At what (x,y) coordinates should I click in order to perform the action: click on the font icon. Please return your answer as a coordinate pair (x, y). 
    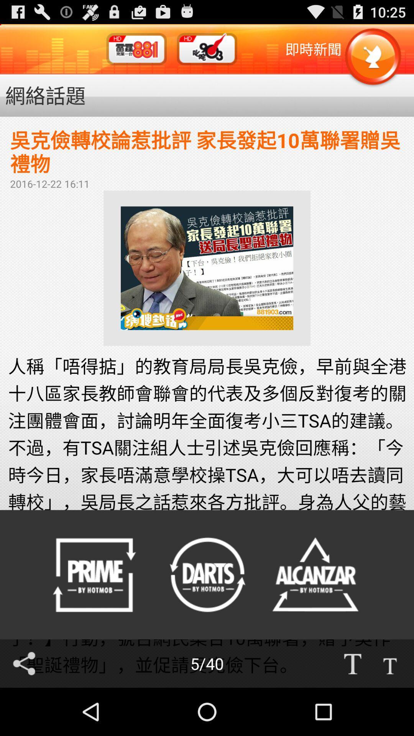
    Looking at the image, I should click on (352, 710).